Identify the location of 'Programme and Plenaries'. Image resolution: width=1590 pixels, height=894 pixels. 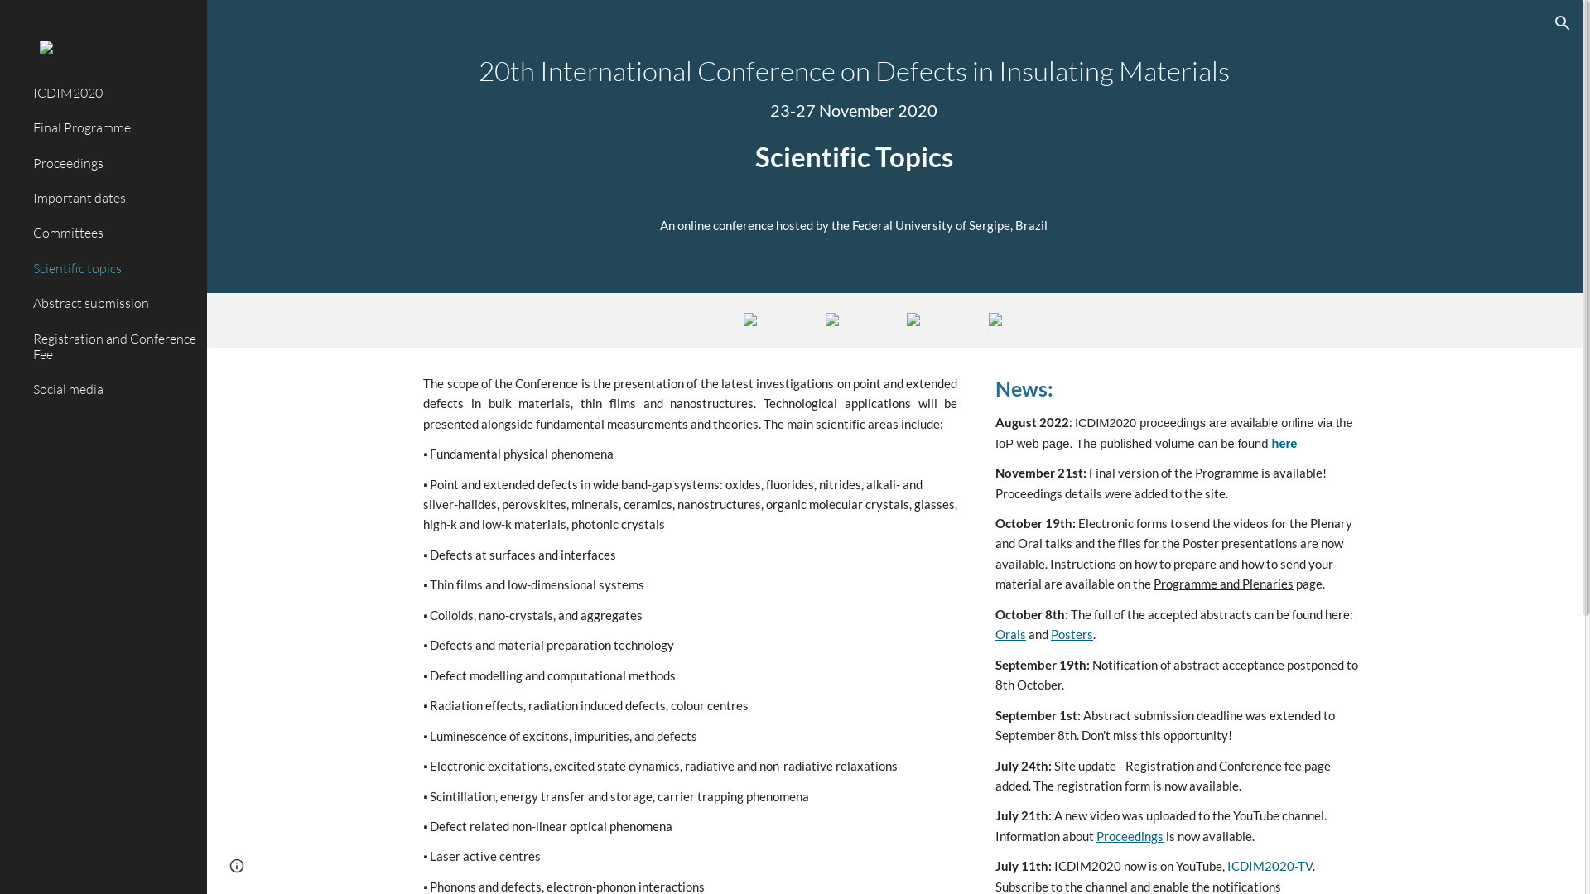
(1223, 583).